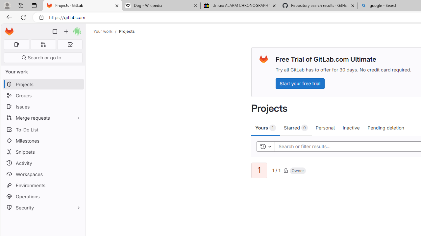  What do you see at coordinates (43, 140) in the screenshot?
I see `'Milestones'` at bounding box center [43, 140].